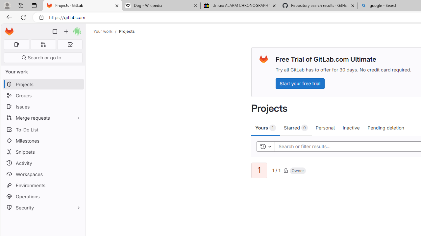  What do you see at coordinates (43, 140) in the screenshot?
I see `'Milestones'` at bounding box center [43, 140].